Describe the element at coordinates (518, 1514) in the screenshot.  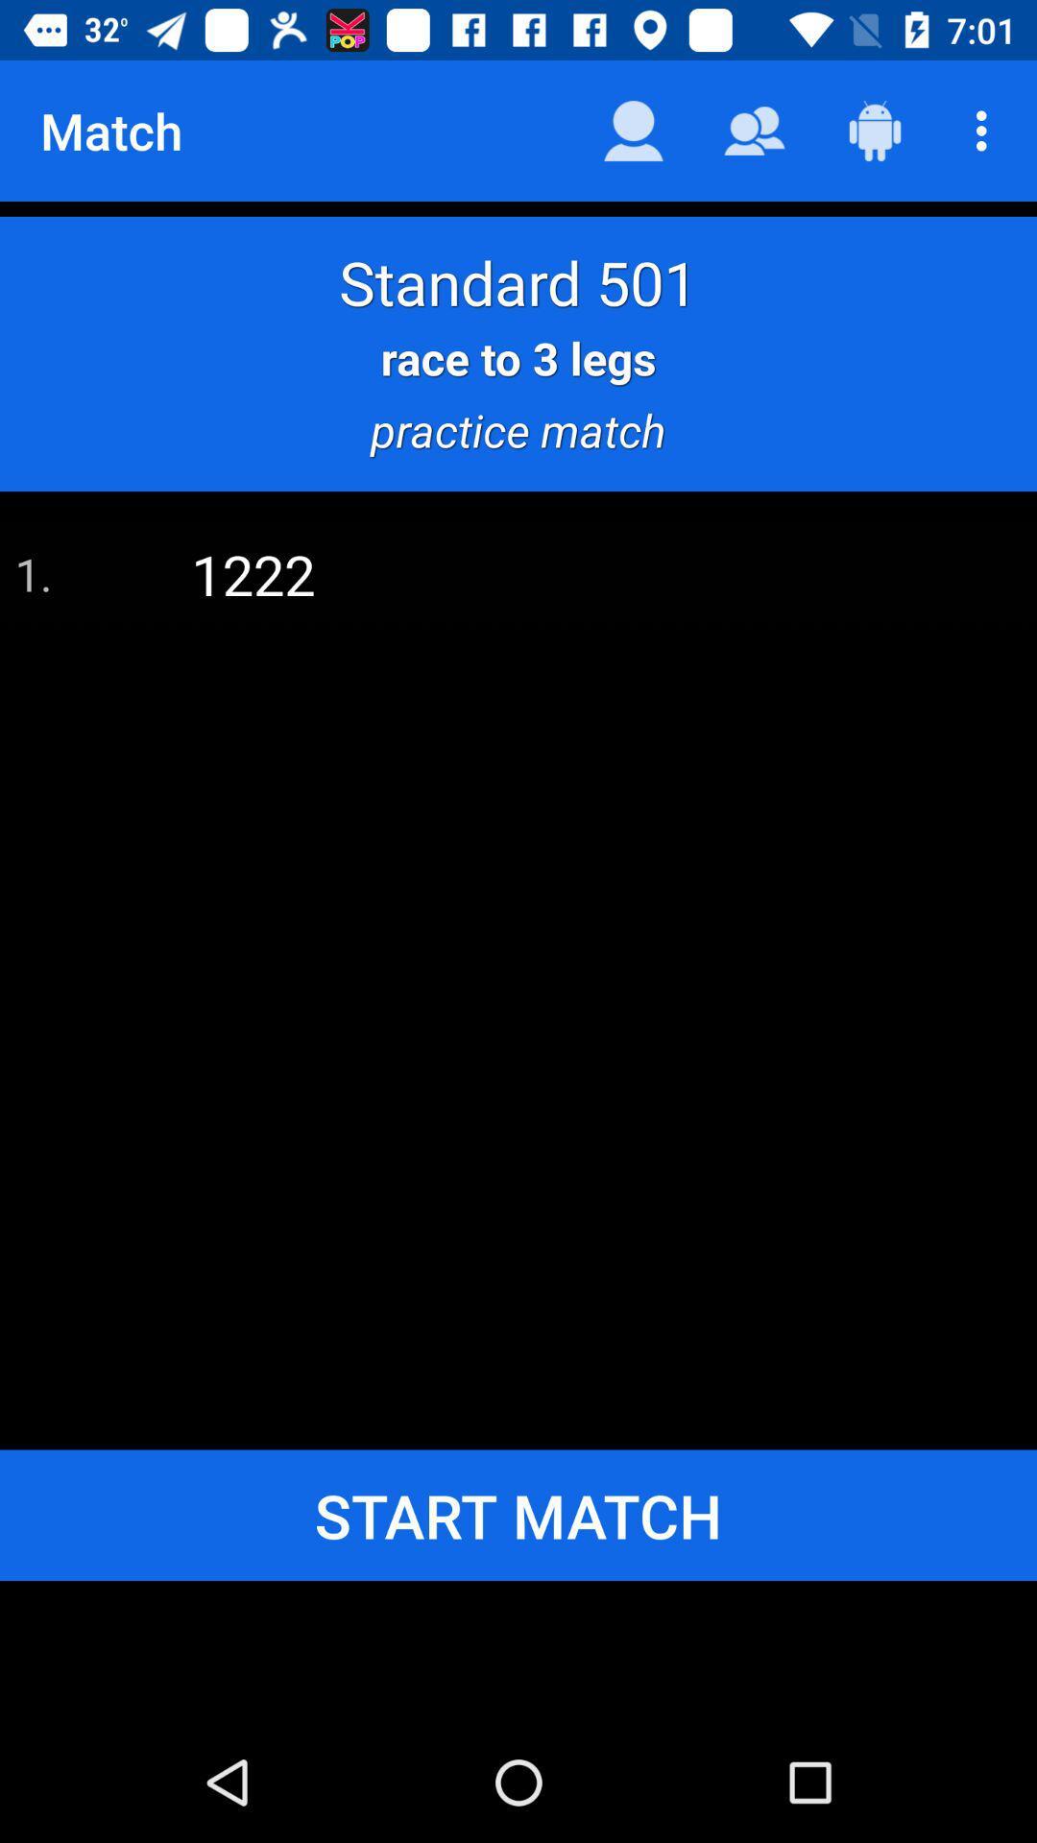
I see `start match button` at that location.